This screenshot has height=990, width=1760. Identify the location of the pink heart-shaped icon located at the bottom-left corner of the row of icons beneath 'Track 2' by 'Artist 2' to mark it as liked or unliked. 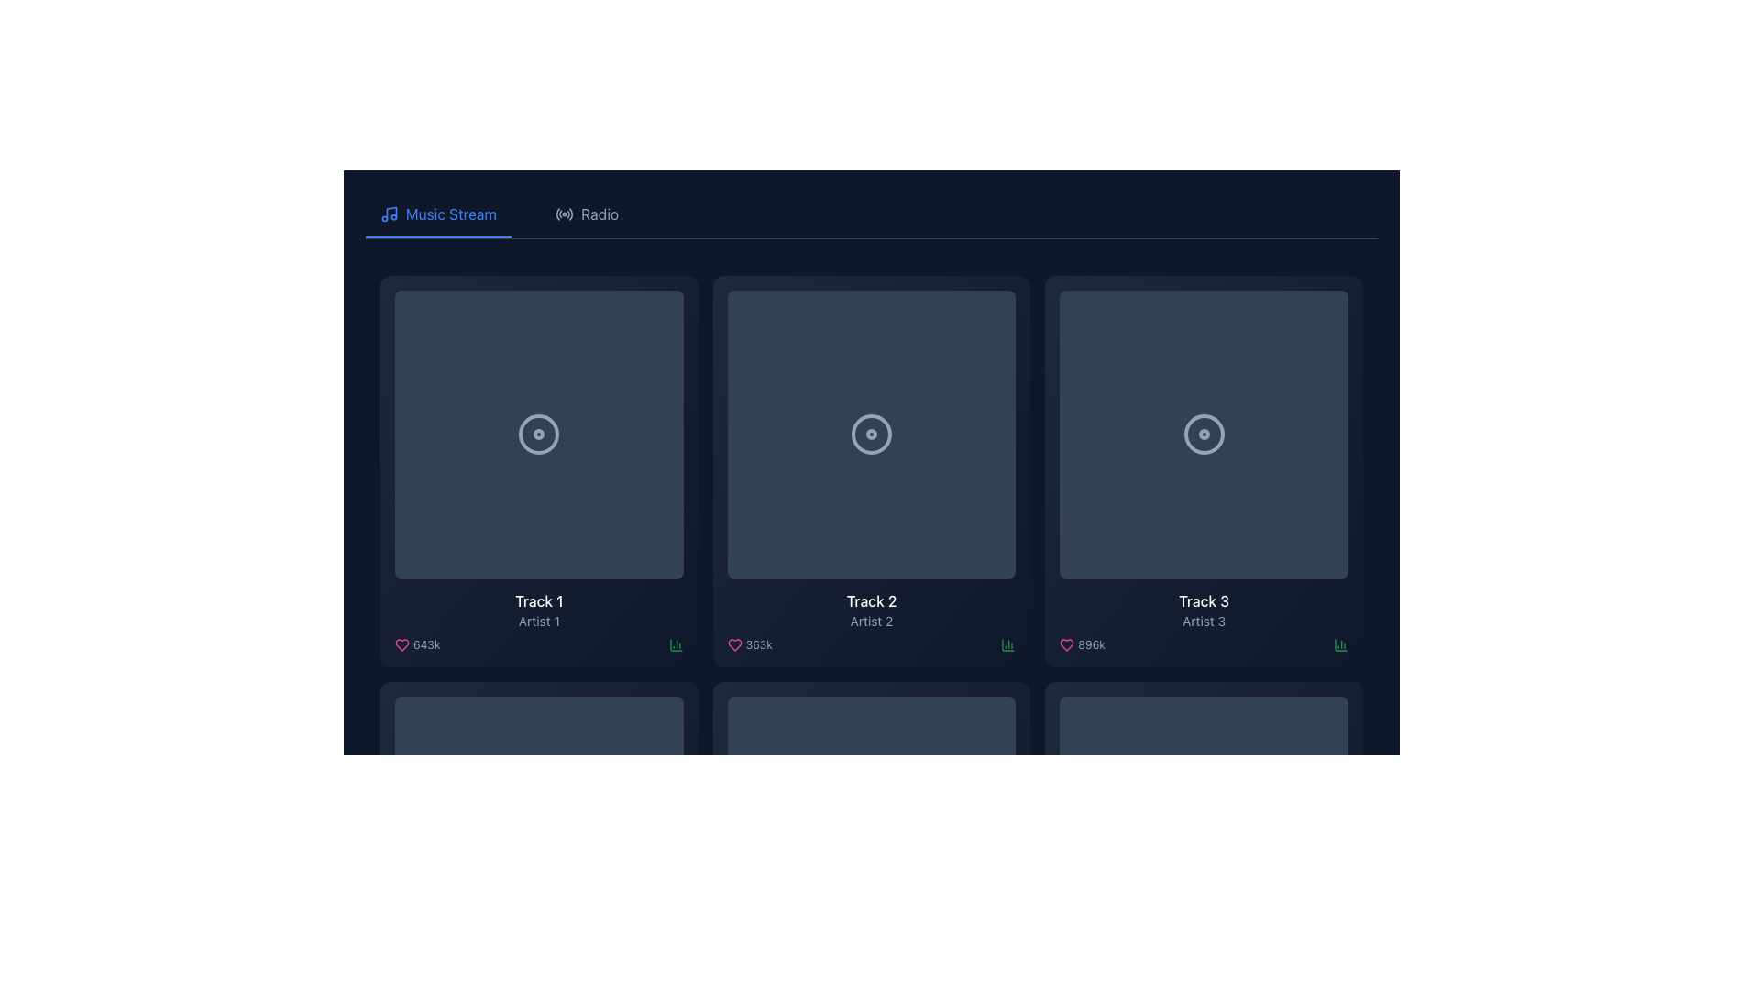
(734, 643).